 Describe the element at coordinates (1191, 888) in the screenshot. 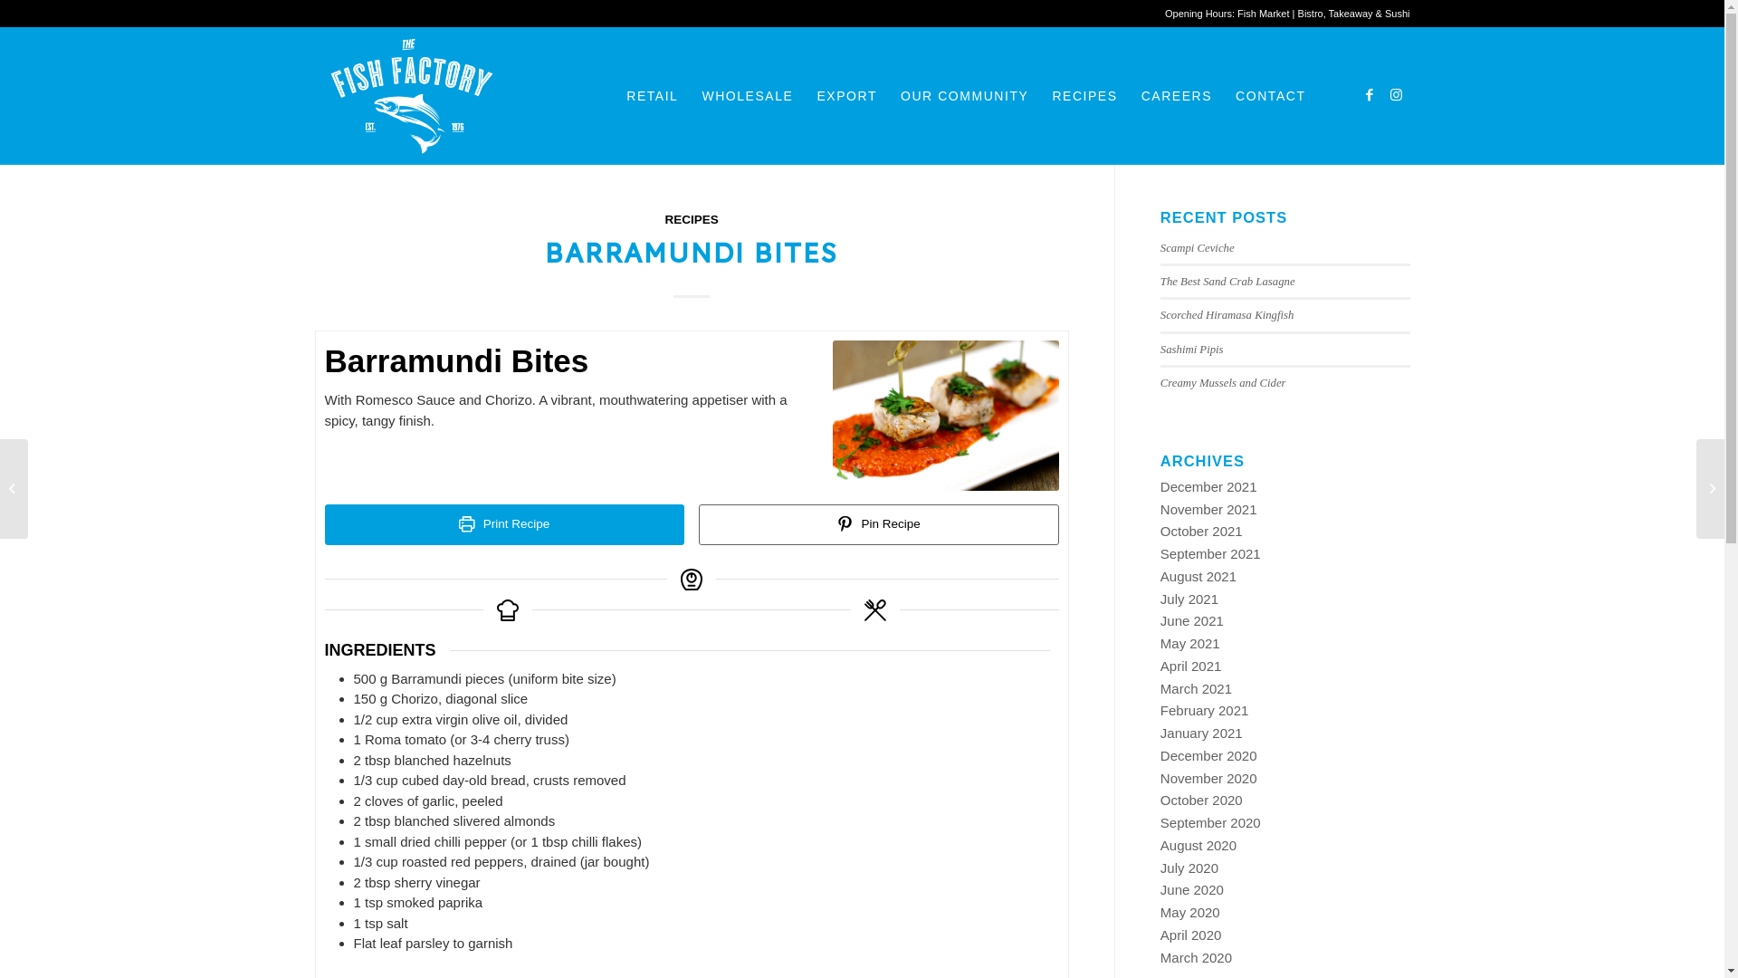

I see `'June 2020'` at that location.